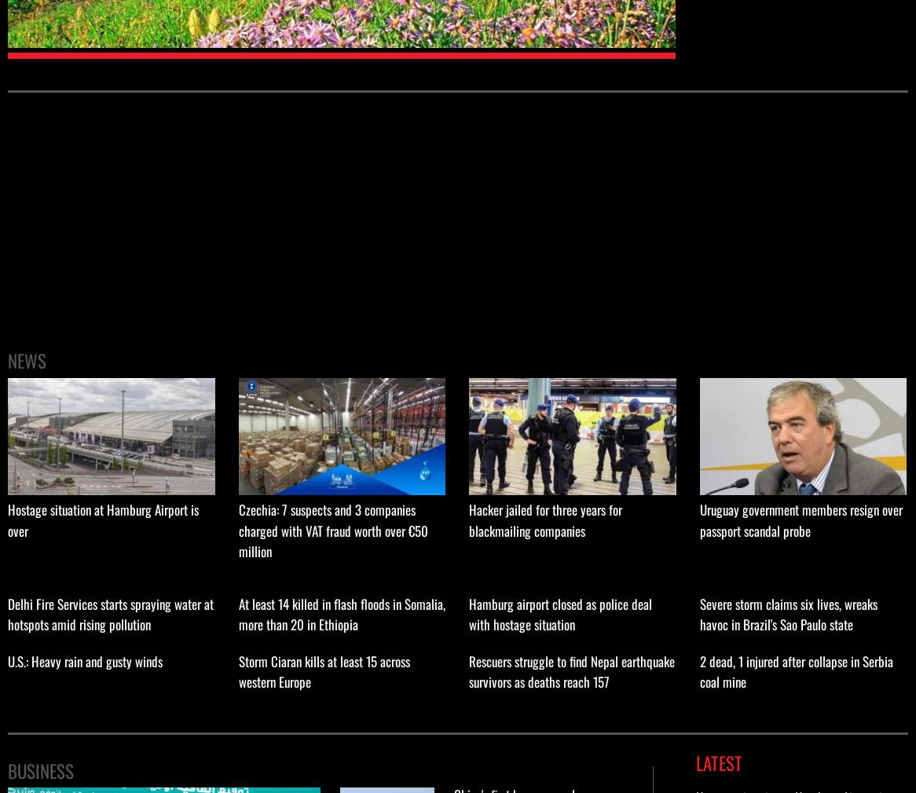 The width and height of the screenshot is (916, 793). What do you see at coordinates (322, 671) in the screenshot?
I see `'Storm Ciaran kills at least 15 across western Europe'` at bounding box center [322, 671].